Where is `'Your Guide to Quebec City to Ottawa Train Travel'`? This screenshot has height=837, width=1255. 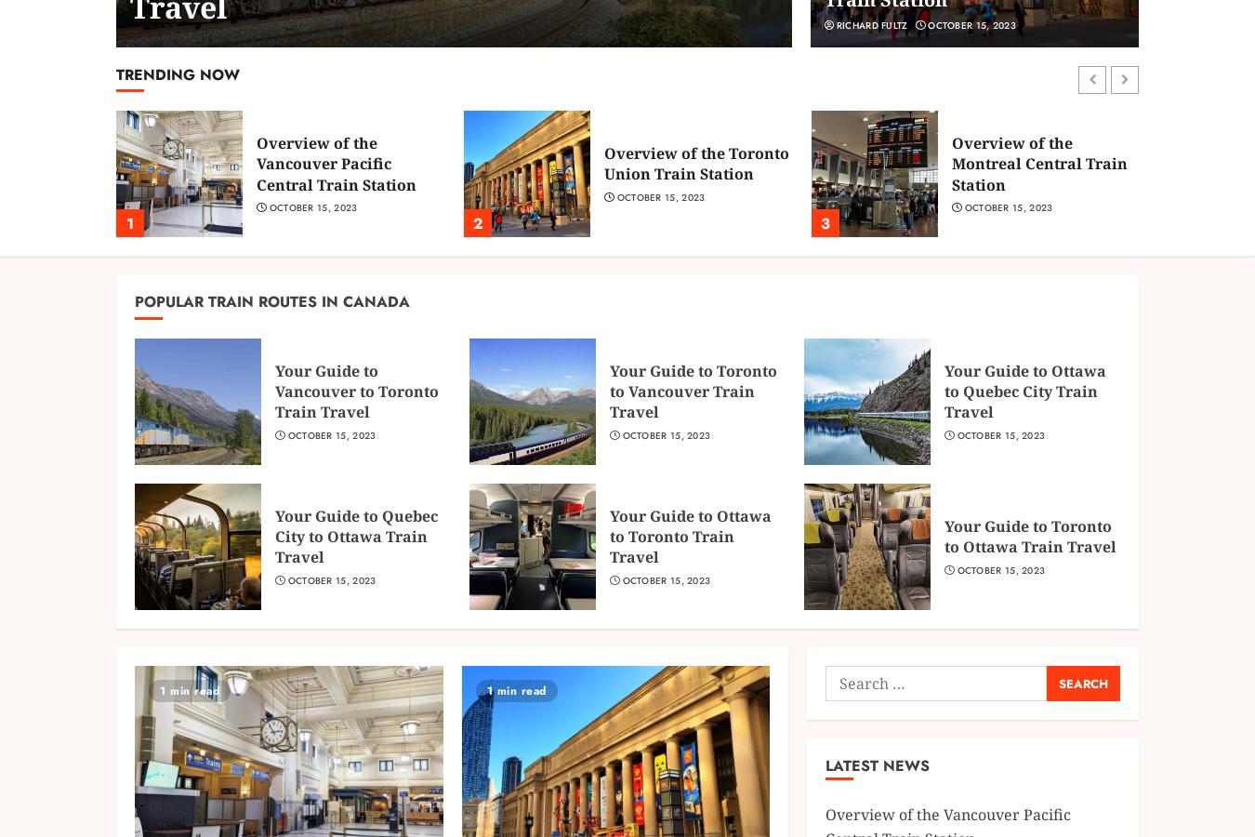 'Your Guide to Quebec City to Ottawa Train Travel' is located at coordinates (356, 536).